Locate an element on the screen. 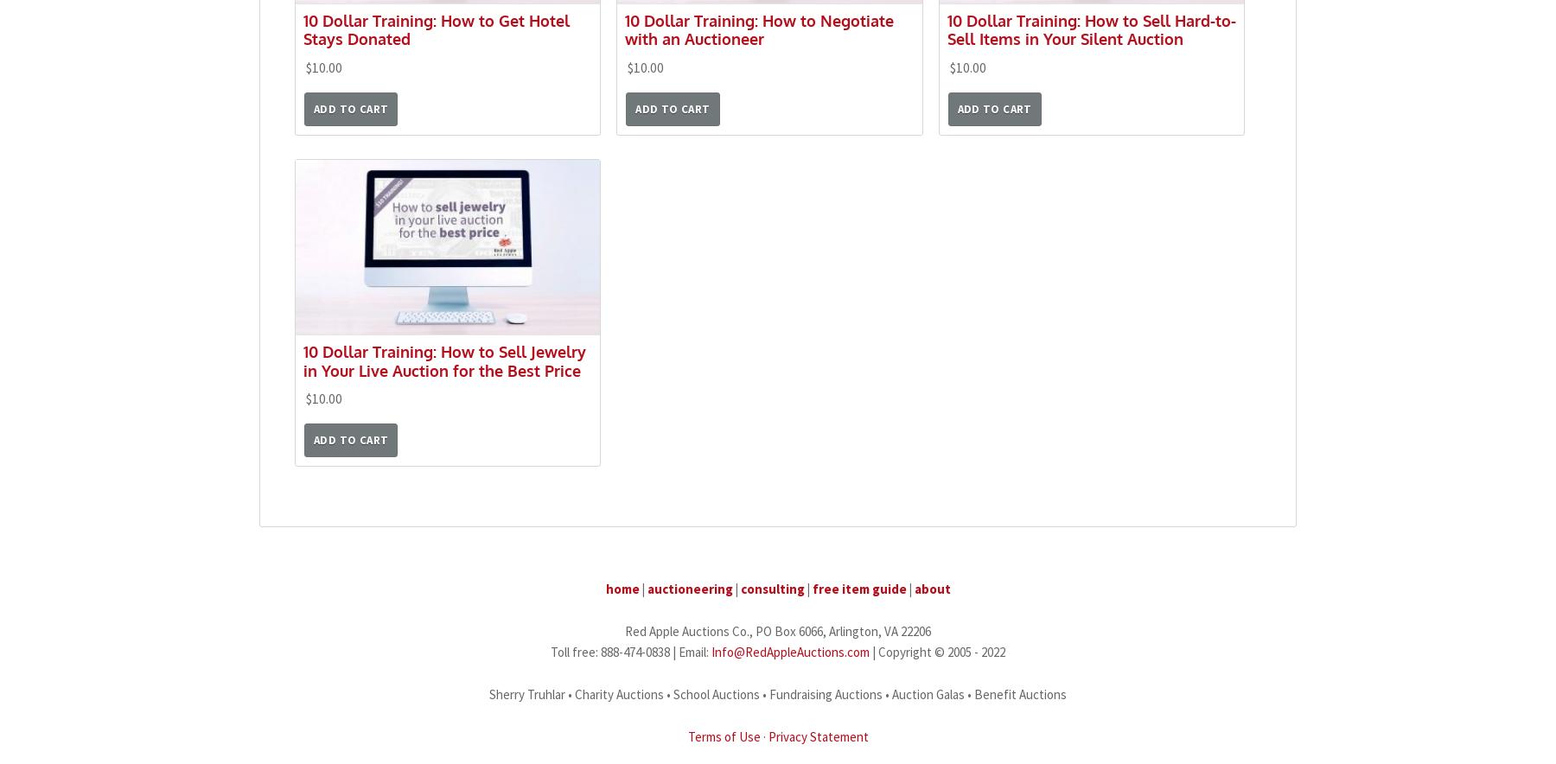 This screenshot has width=1556, height=764. 'Sherry Truhlar • Charity Auctions • School Auctions • Fundraising Auctions • Auction Galas • Benefit Auctions' is located at coordinates (778, 692).